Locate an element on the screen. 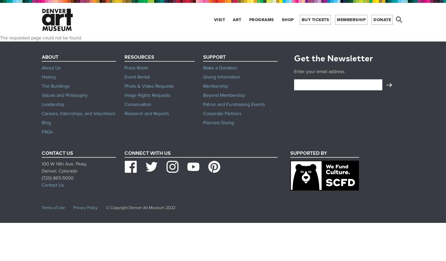 The image size is (446, 261). 'Shop' is located at coordinates (287, 19).